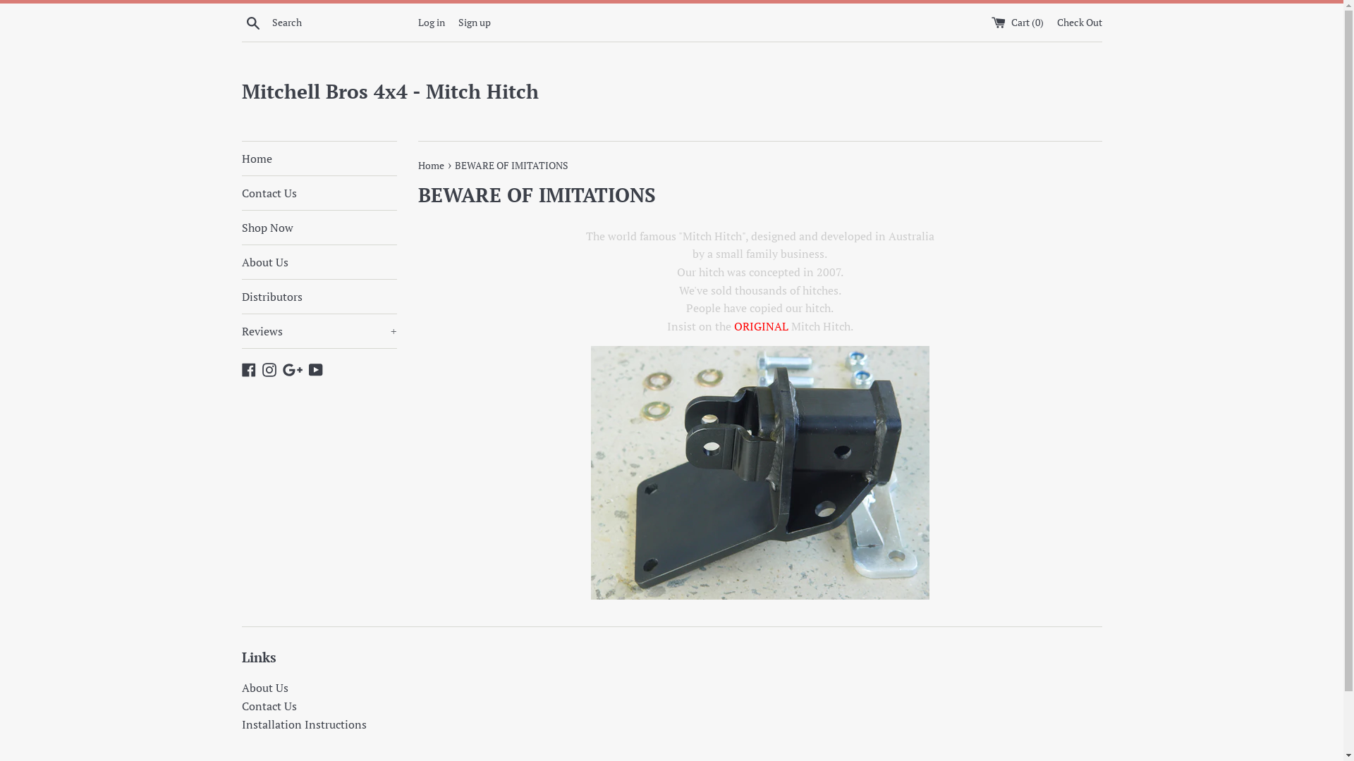  Describe the element at coordinates (474, 22) in the screenshot. I see `'Sign up'` at that location.